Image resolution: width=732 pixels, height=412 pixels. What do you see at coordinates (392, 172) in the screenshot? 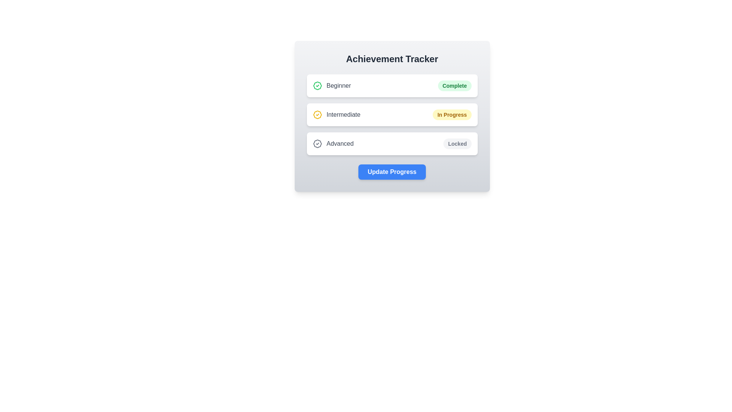
I see `the 'Update Progress' button with a solid blue background and white text to observe the animation effect` at bounding box center [392, 172].